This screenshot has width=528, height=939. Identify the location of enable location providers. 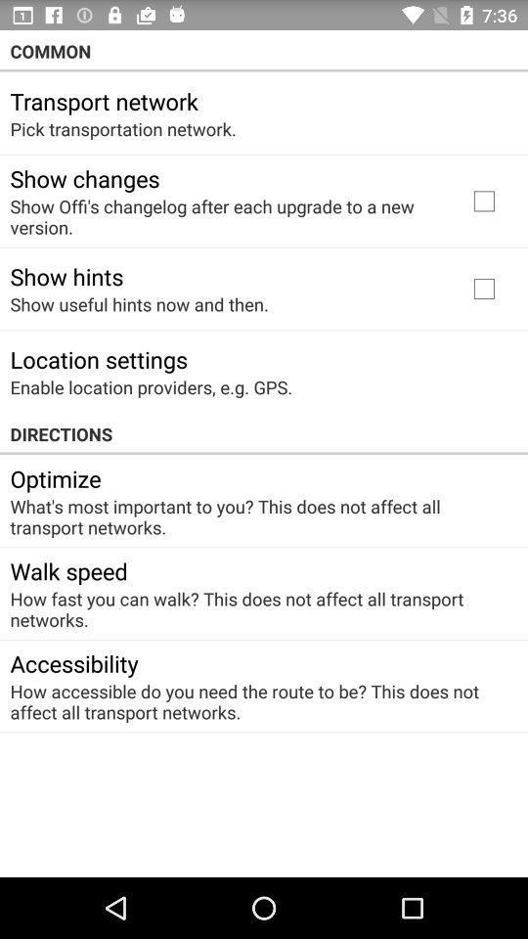
(150, 386).